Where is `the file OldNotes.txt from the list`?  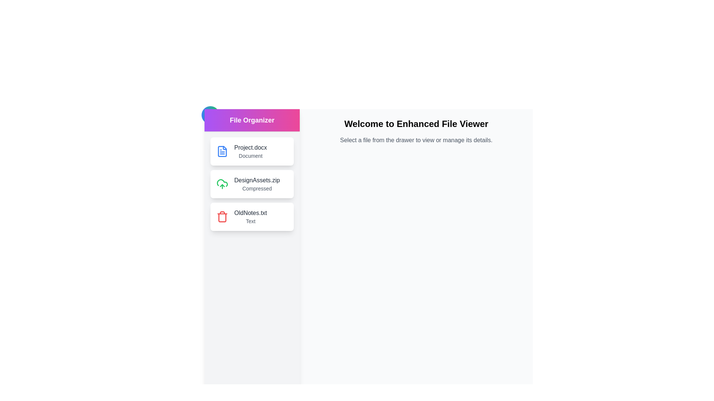
the file OldNotes.txt from the list is located at coordinates (252, 216).